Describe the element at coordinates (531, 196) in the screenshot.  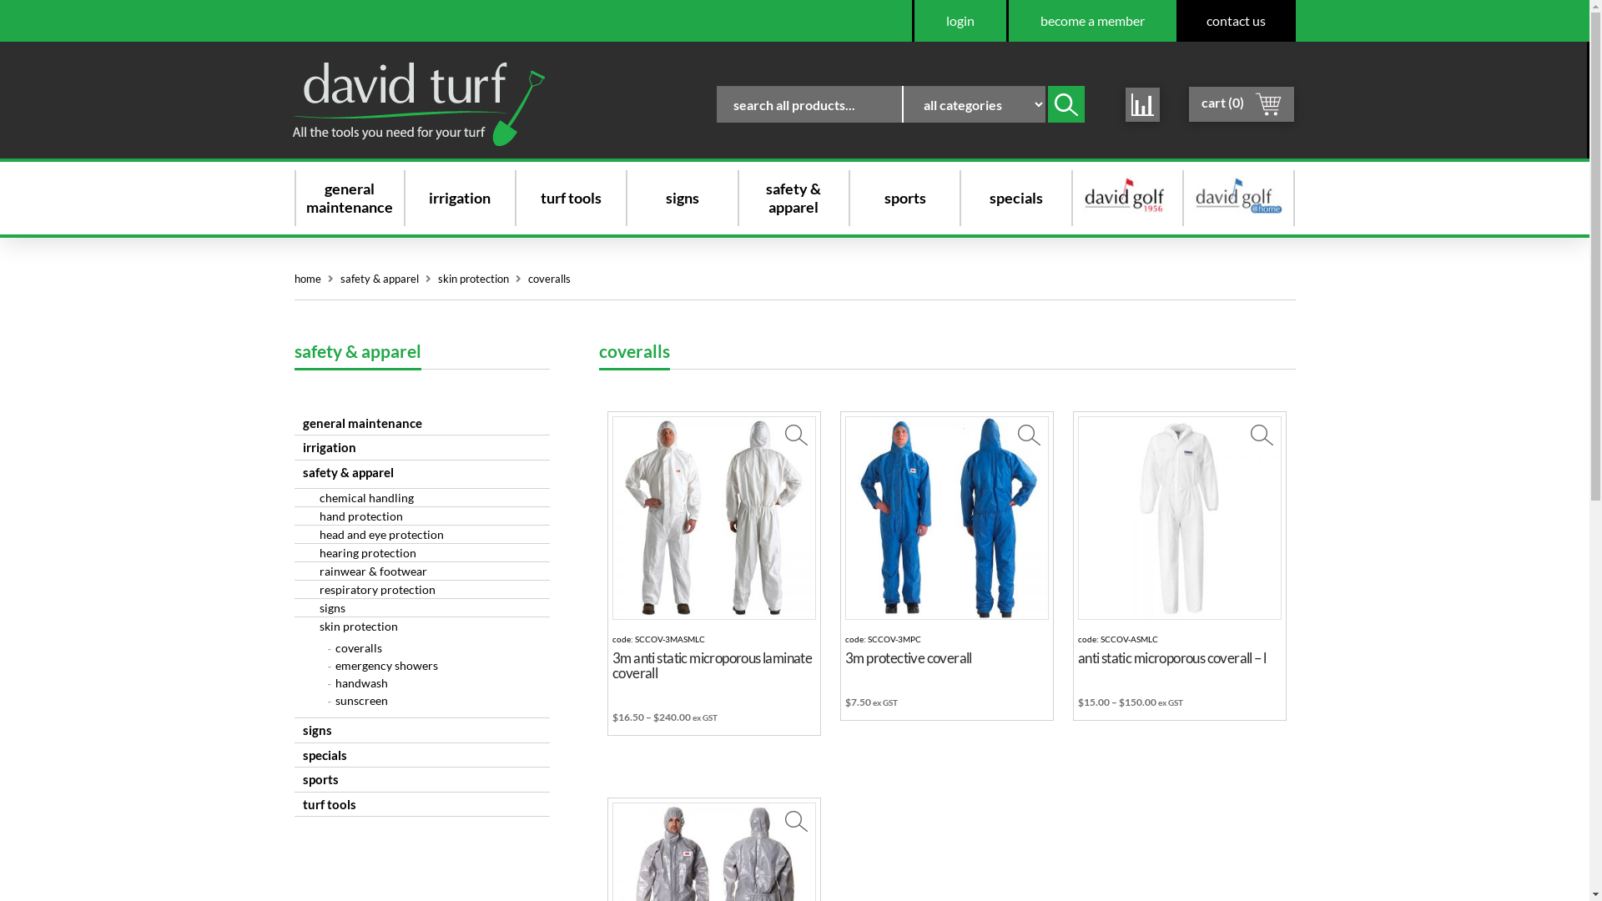
I see `'turf tools'` at that location.